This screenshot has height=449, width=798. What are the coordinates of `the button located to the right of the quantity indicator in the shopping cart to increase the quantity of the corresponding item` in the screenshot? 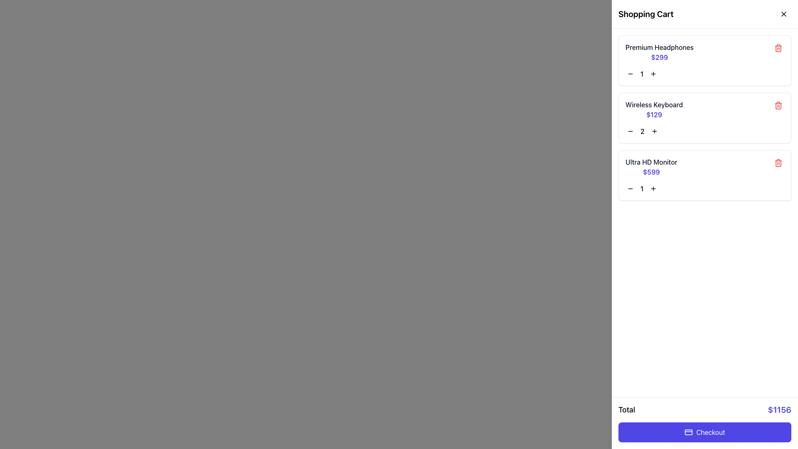 It's located at (653, 73).